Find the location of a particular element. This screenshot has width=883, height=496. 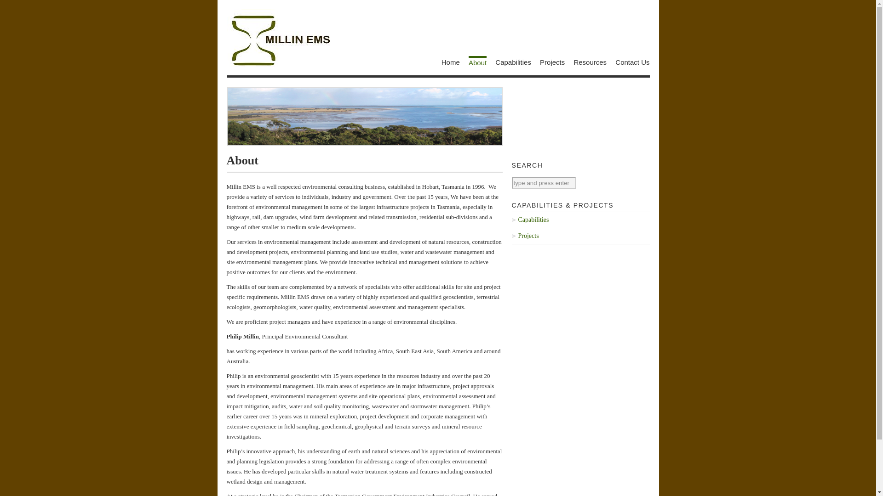

'Projects' is located at coordinates (552, 62).